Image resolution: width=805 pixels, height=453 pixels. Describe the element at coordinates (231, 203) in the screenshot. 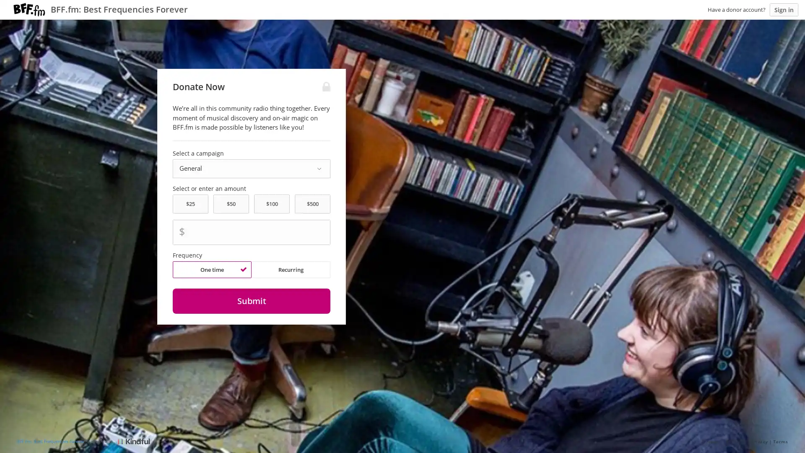

I see `$50` at that location.